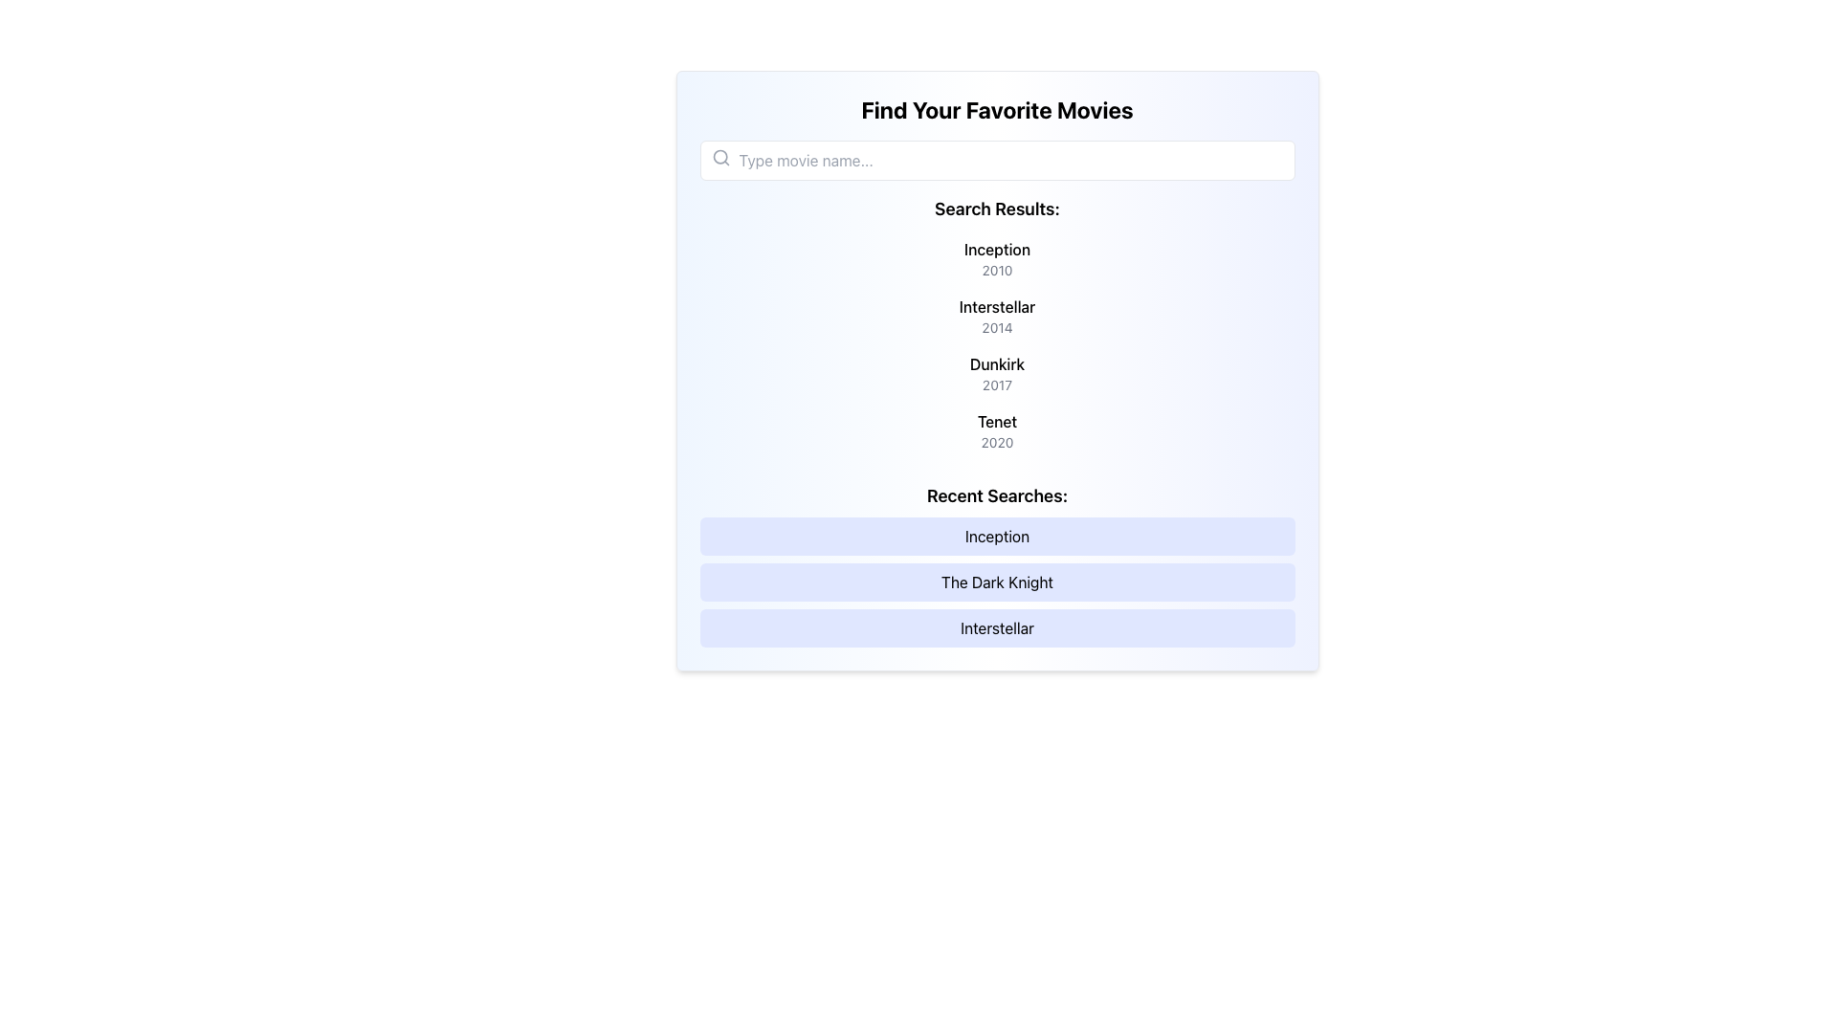 The width and height of the screenshot is (1837, 1033). Describe the element at coordinates (996, 364) in the screenshot. I see `the Text Label indicating the movie title in the third position under 'Search Results:'` at that location.